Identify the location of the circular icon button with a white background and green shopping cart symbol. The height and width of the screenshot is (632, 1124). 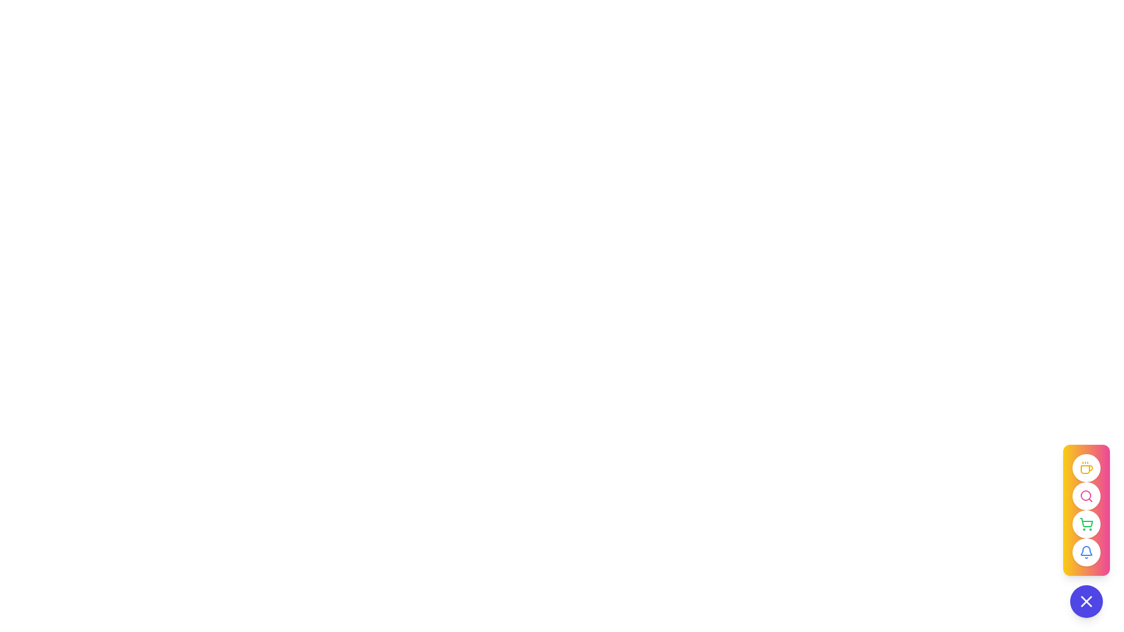
(1086, 531).